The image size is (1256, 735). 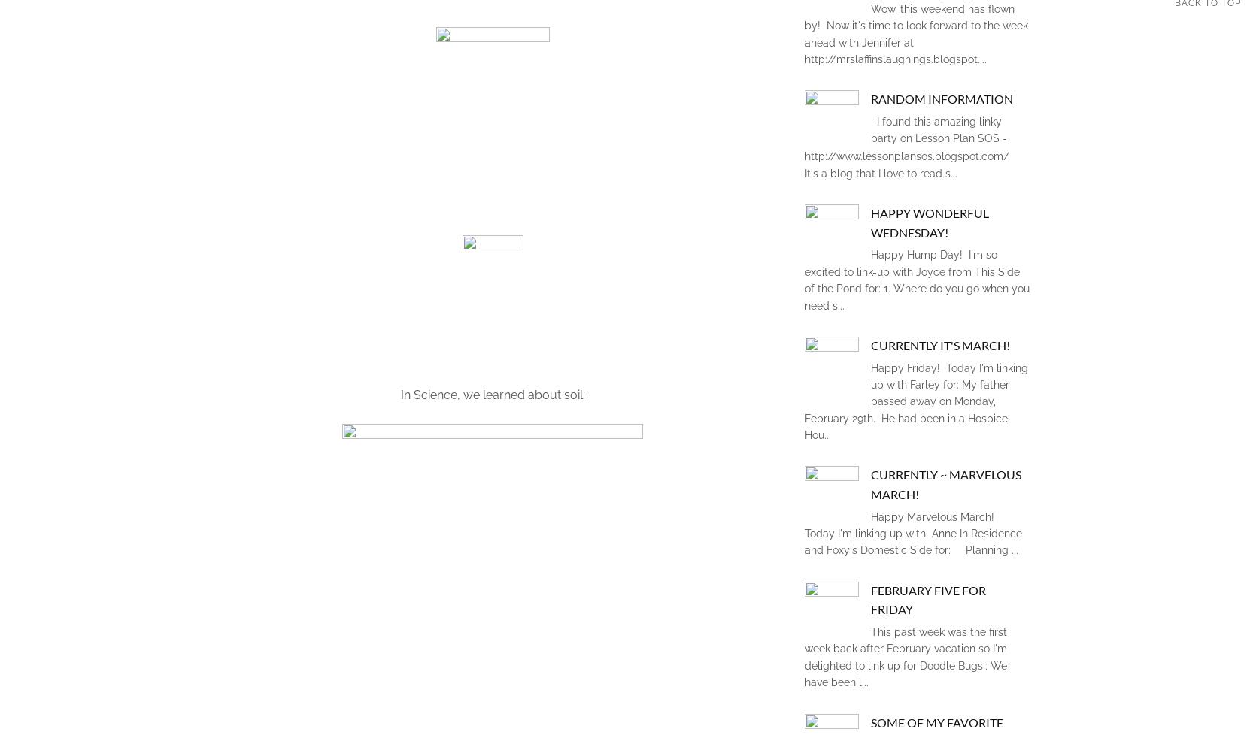 I want to click on 'This past week was the first week back after February vacation so I'm delighted to link up for Doodle Bugs':         We have been l...', so click(x=906, y=656).